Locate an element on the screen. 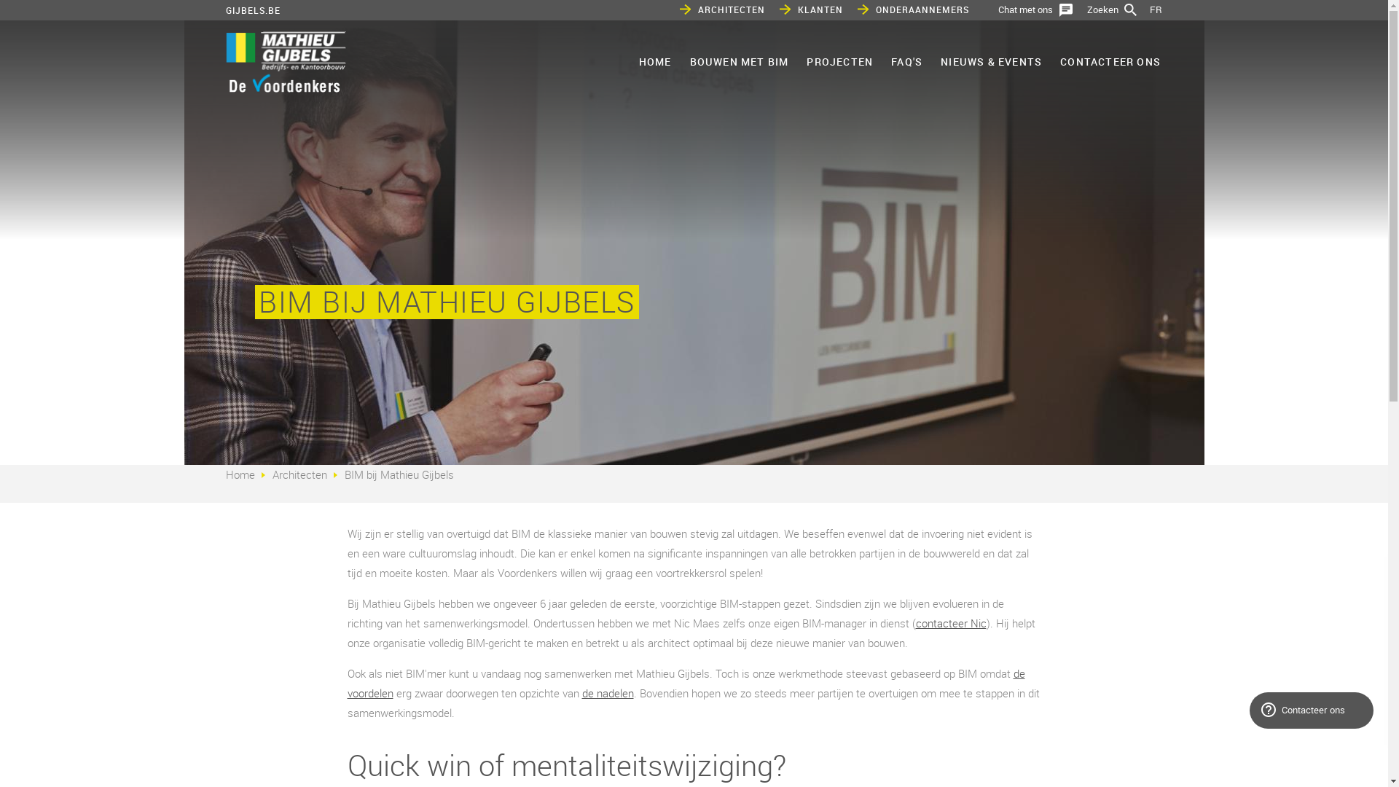  'PROJECTEN' is located at coordinates (839, 60).